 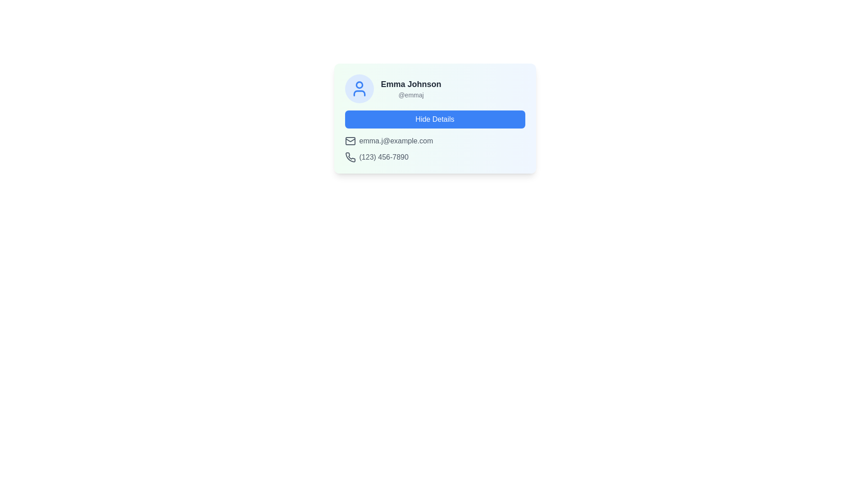 I want to click on the SVG Circle representing the head of the user profile icon, so click(x=359, y=85).